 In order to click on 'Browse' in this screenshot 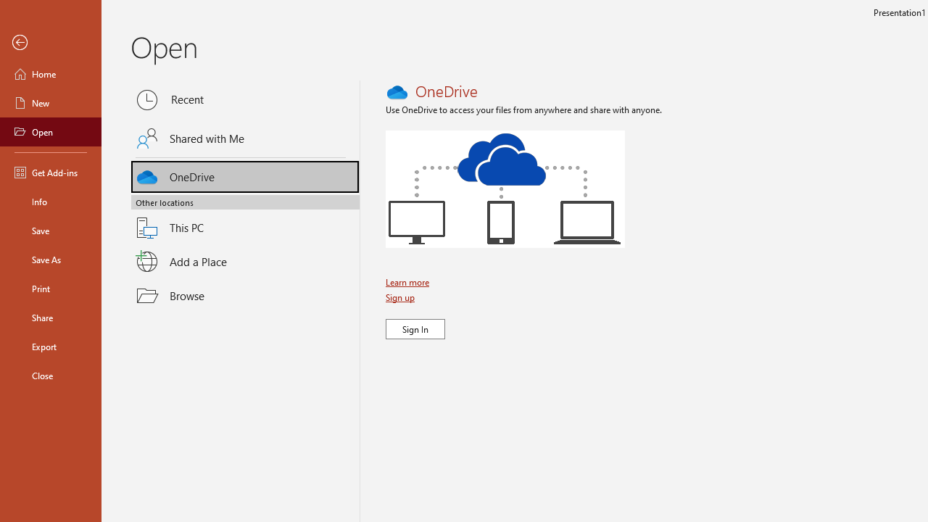, I will do `click(245, 294)`.